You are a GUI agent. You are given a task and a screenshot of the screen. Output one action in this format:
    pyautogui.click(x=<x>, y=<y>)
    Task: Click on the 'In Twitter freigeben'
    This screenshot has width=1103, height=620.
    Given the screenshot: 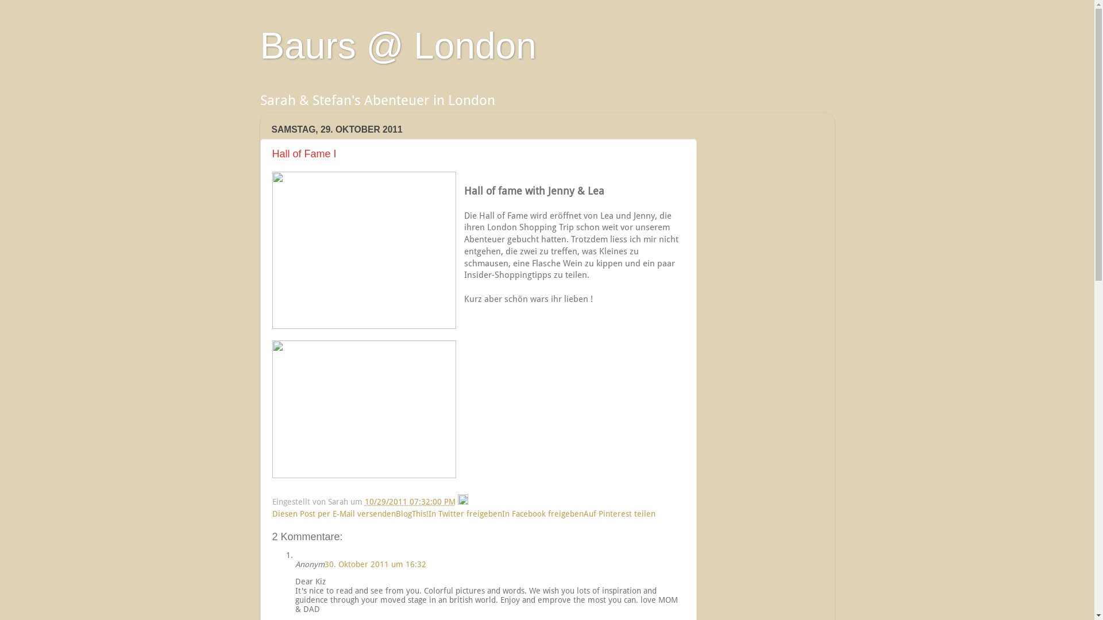 What is the action you would take?
    pyautogui.click(x=465, y=513)
    